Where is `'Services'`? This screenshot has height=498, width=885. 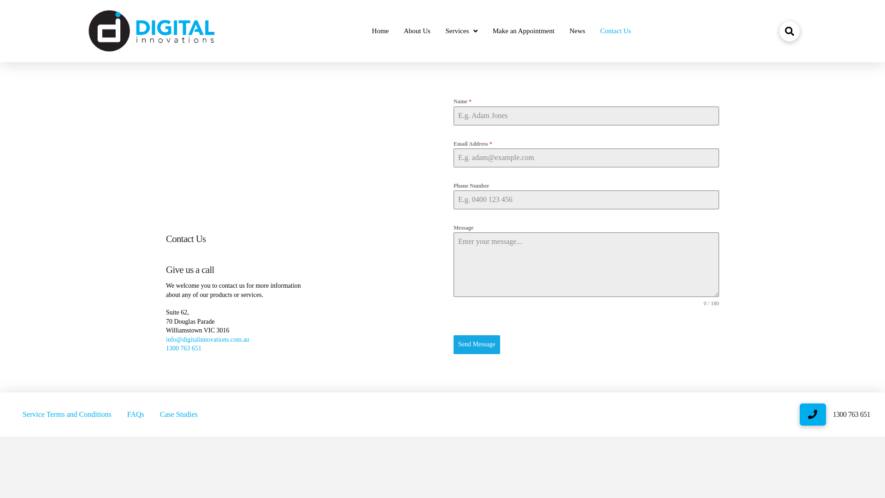
'Services' is located at coordinates (461, 31).